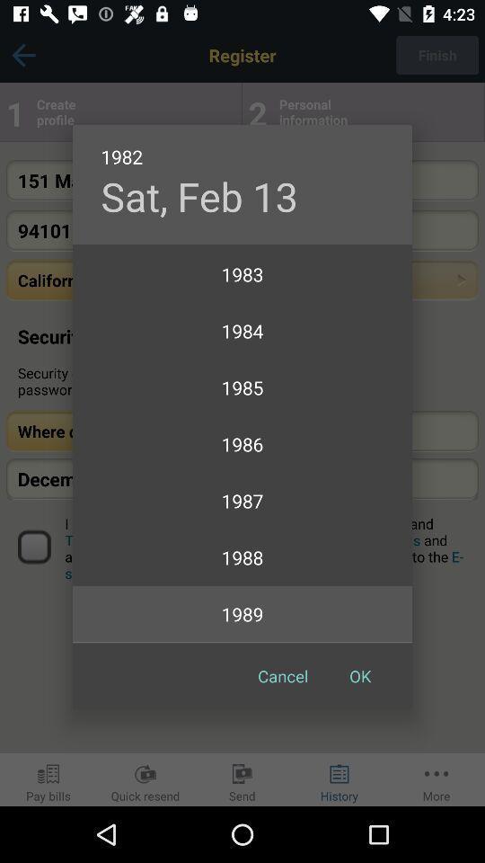 This screenshot has width=485, height=863. I want to click on item below the 1990 app, so click(360, 675).